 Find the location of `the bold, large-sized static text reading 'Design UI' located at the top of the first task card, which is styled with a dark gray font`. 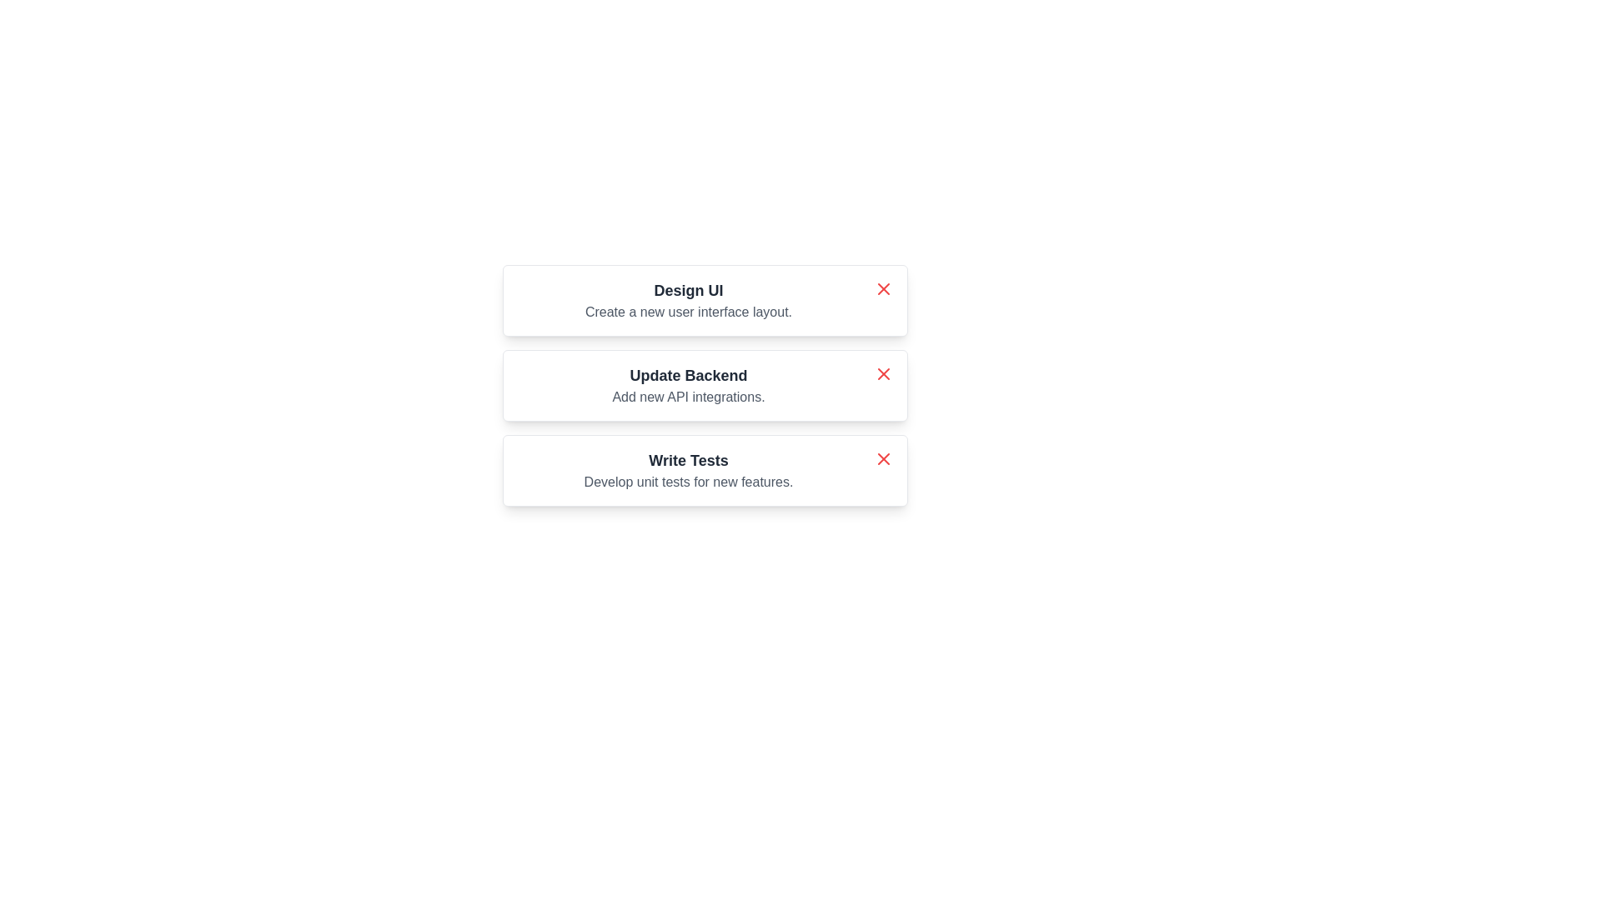

the bold, large-sized static text reading 'Design UI' located at the top of the first task card, which is styled with a dark gray font is located at coordinates (688, 289).